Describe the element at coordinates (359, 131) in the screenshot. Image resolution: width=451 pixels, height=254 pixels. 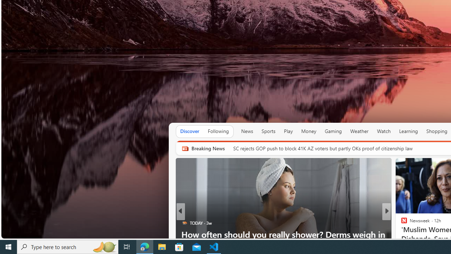
I see `'Weather'` at that location.